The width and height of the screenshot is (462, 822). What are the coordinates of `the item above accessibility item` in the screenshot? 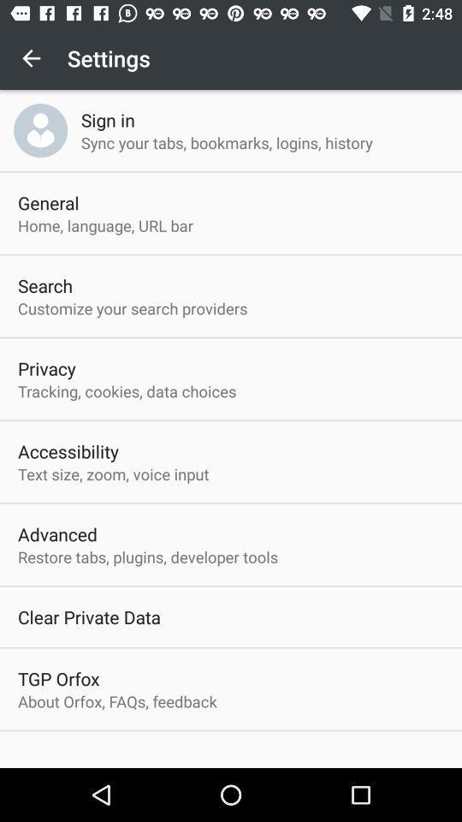 It's located at (126, 391).